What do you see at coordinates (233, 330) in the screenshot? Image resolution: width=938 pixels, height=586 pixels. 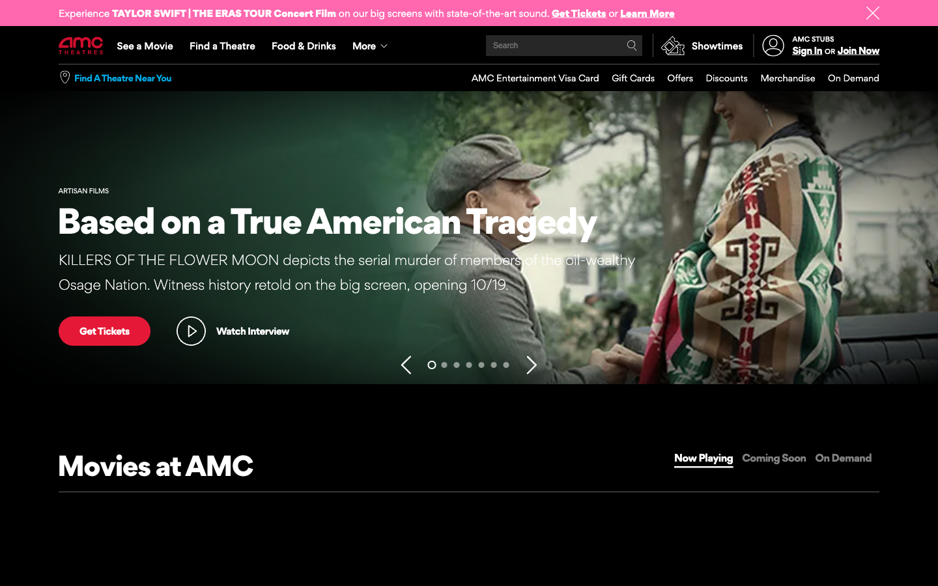 I see `View trailer and pause` at bounding box center [233, 330].